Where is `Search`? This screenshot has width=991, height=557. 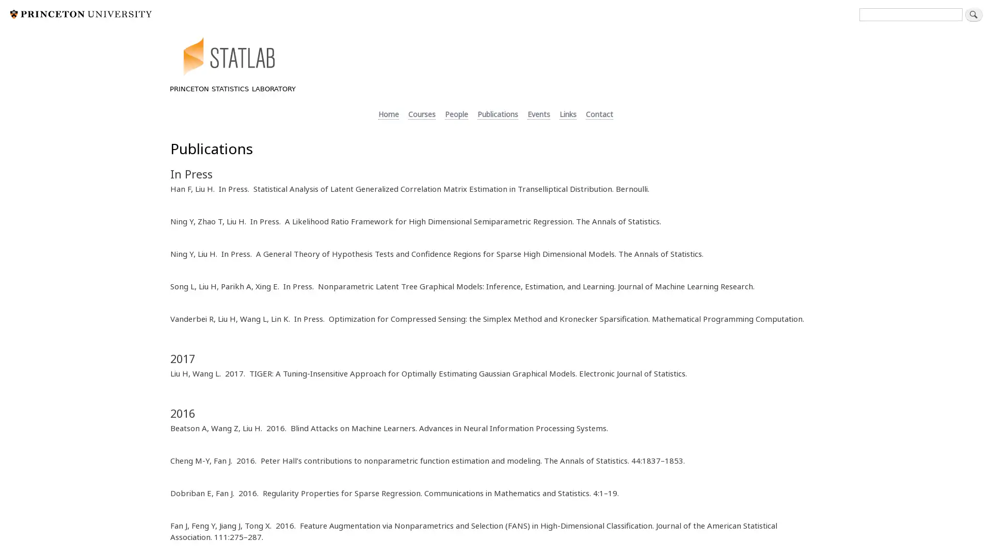
Search is located at coordinates (973, 14).